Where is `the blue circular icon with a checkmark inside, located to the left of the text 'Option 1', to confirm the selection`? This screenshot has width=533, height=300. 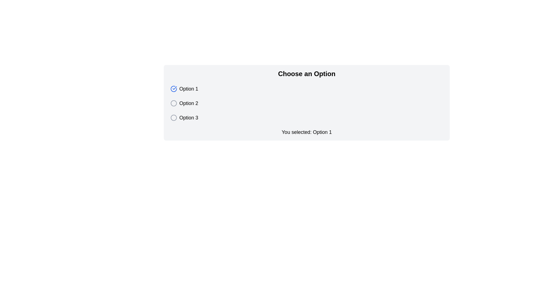
the blue circular icon with a checkmark inside, located to the left of the text 'Option 1', to confirm the selection is located at coordinates (173, 89).